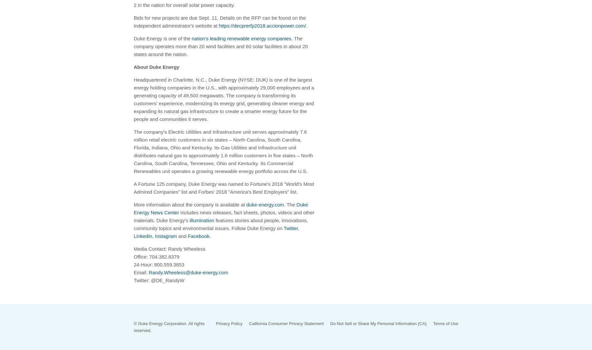 This screenshot has width=592, height=350. Describe the element at coordinates (262, 25) in the screenshot. I see `'https://decprerfp2018.accionpower.com/'` at that location.